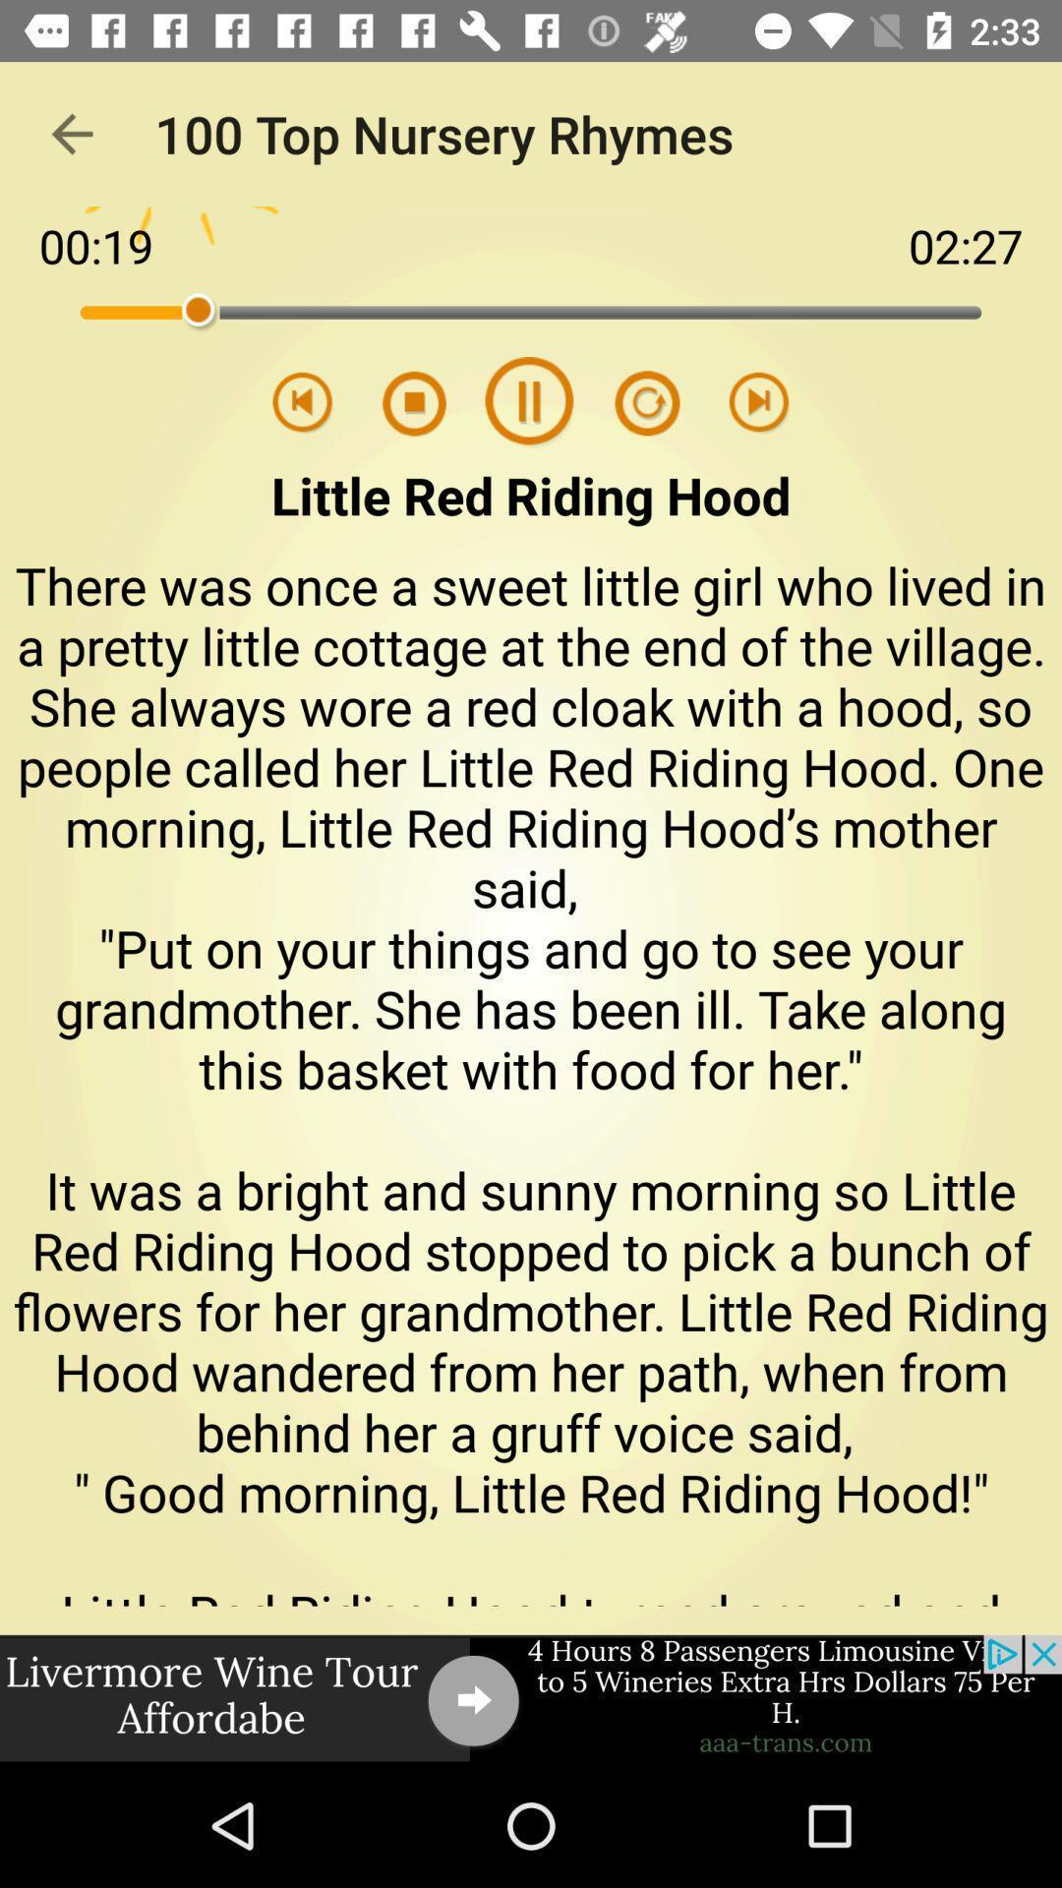  What do you see at coordinates (426, 402) in the screenshot?
I see `play` at bounding box center [426, 402].